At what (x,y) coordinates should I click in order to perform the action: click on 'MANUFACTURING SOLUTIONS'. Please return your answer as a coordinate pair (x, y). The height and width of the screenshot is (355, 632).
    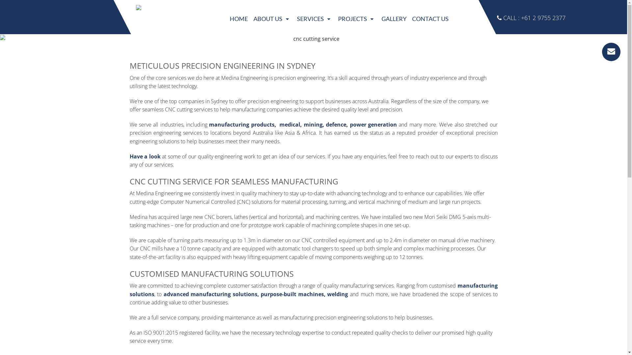
    Looking at the image, I should click on (314, 53).